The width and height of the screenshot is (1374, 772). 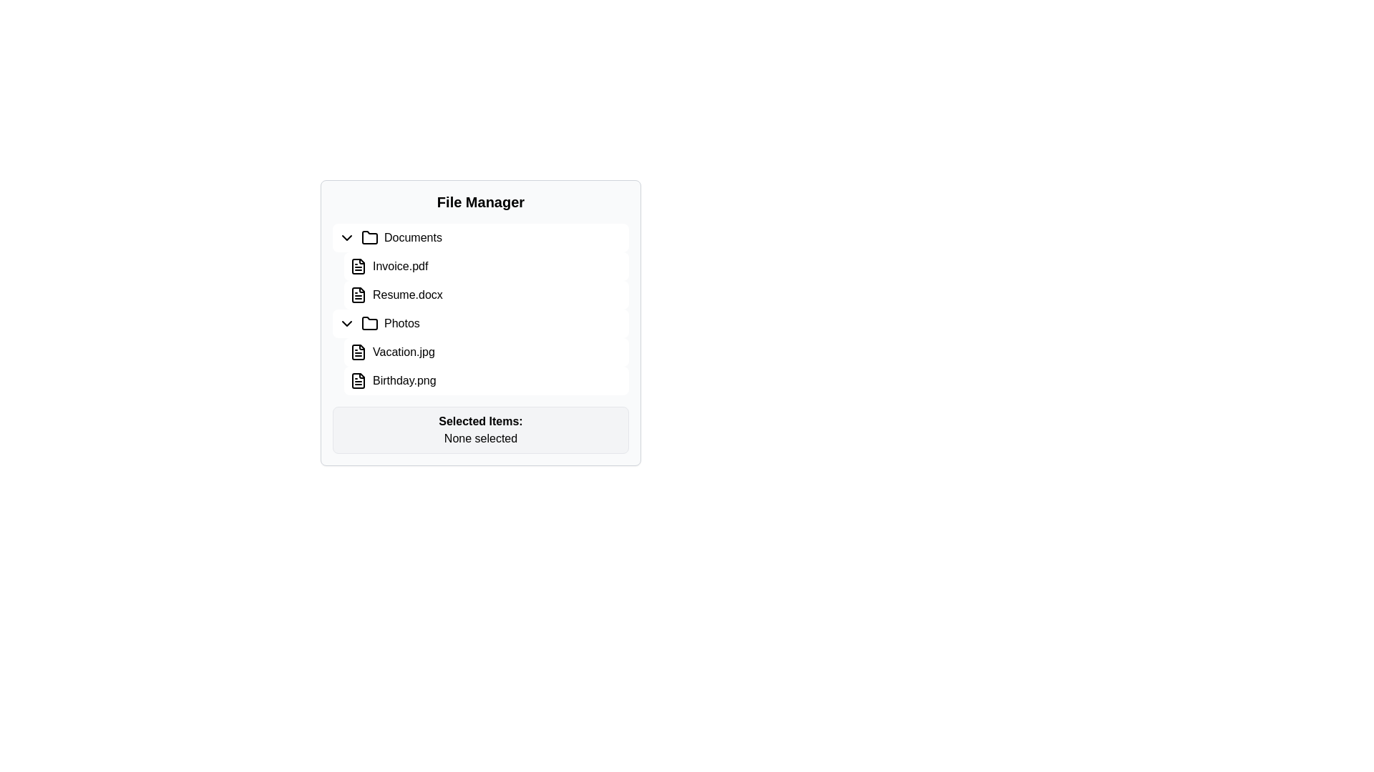 I want to click on the file entry row labeled 'Invoice.pdf' in the file manager, so click(x=487, y=267).